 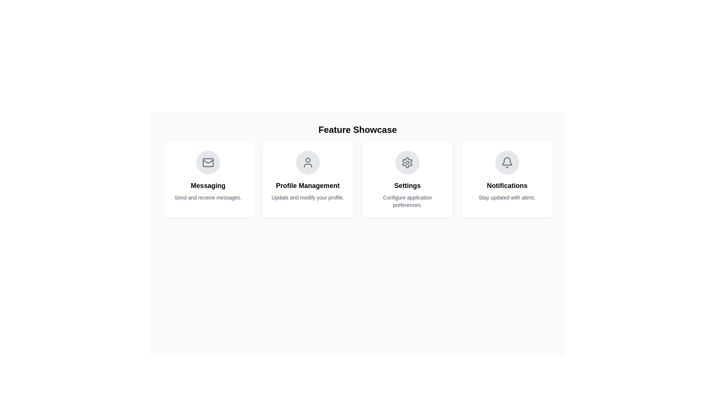 I want to click on the 'Profile Management' icon, which is located at the top of the second card in a row, indicating user customization features, so click(x=308, y=162).